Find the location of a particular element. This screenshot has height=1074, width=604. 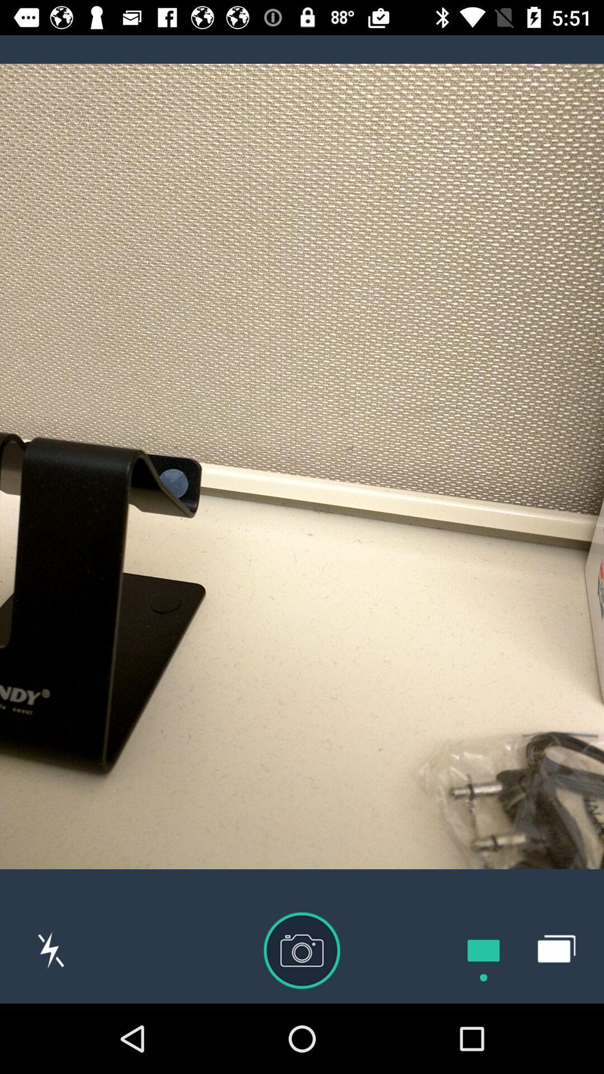

item at the bottom left corner is located at coordinates (51, 950).